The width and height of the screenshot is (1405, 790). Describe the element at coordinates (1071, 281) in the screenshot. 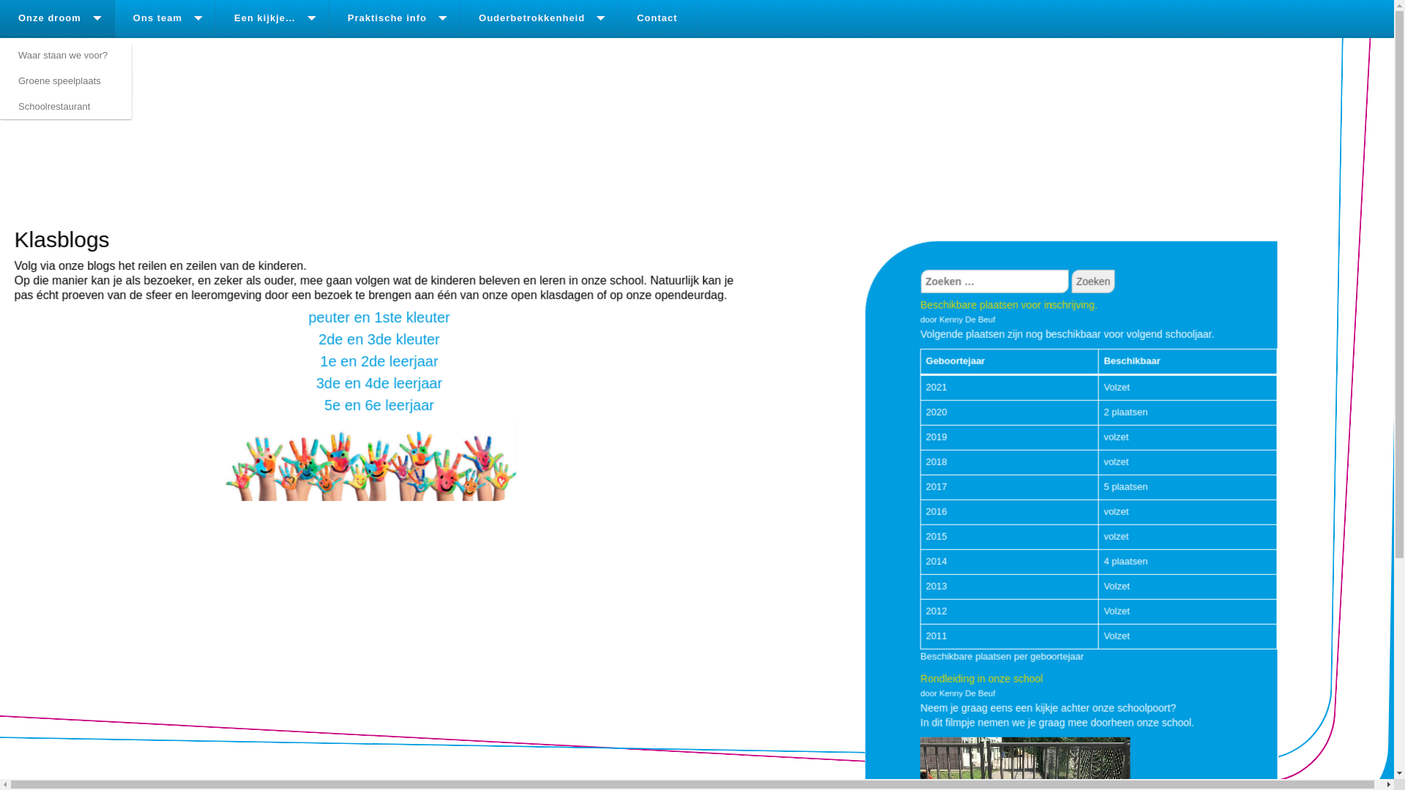

I see `'Zoeken'` at that location.